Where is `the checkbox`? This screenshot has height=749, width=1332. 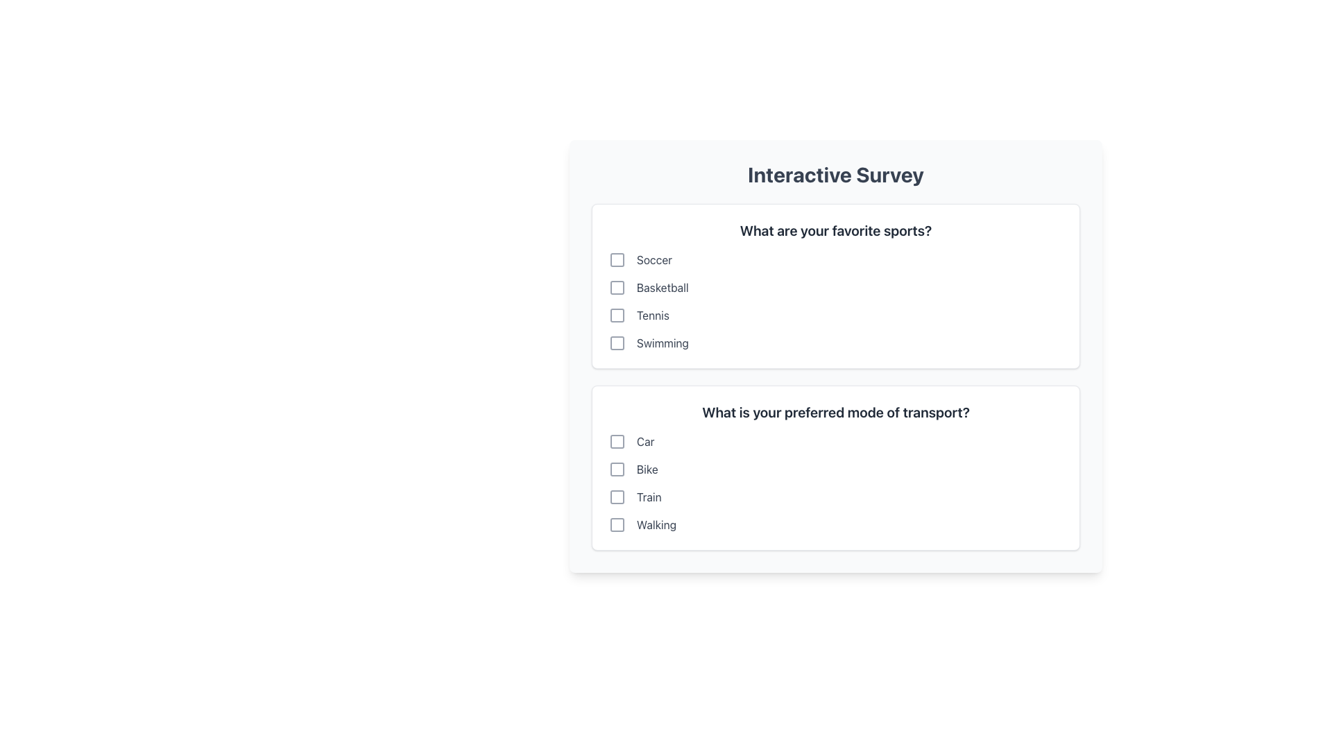
the checkbox is located at coordinates (616, 469).